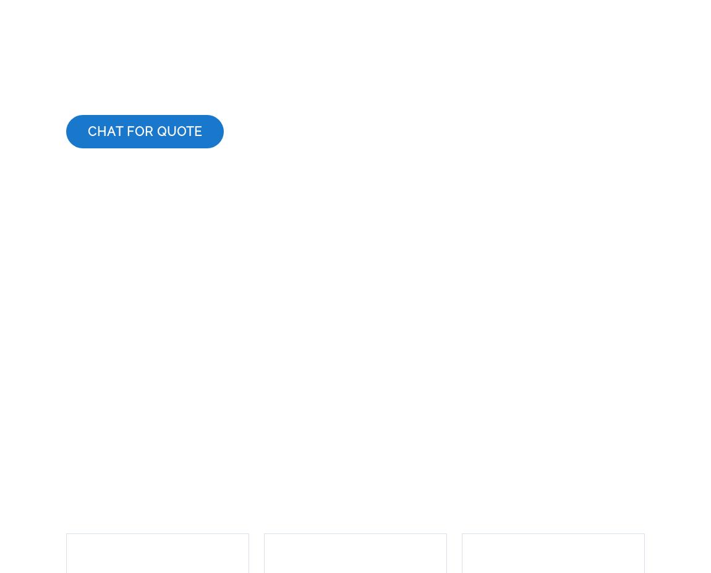 Image resolution: width=711 pixels, height=573 pixels. Describe the element at coordinates (383, 499) in the screenshot. I see `':  +61-1-8003-57380'` at that location.